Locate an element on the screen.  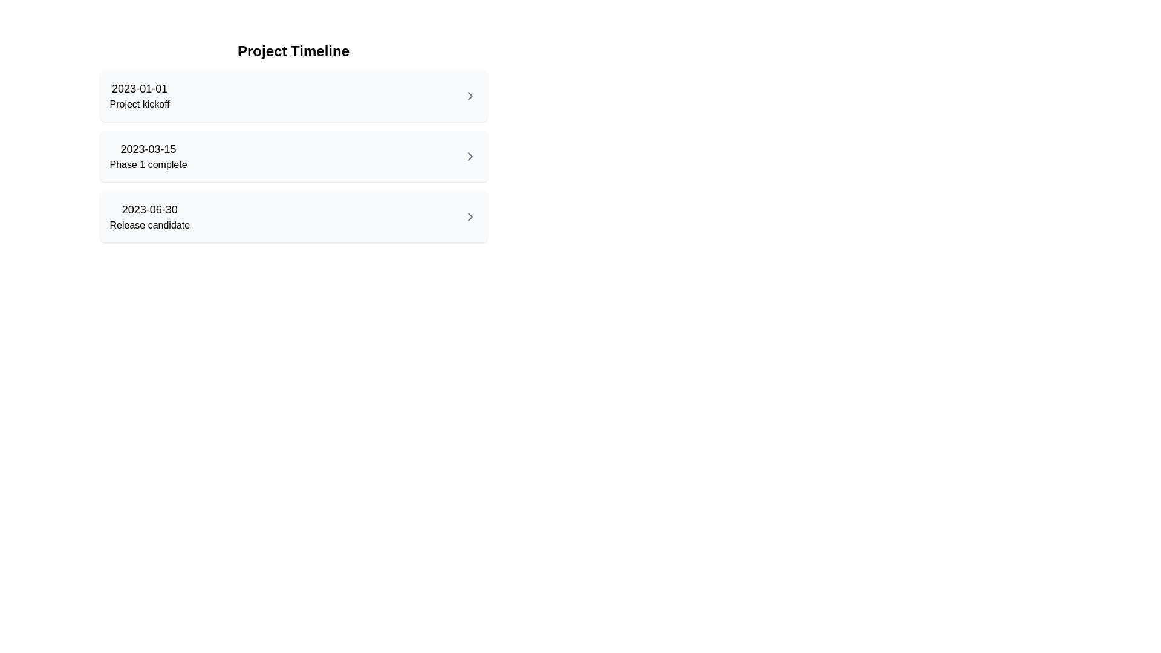
text label 'Phase 1 complete' located below the date '2023-03-15' in the timeline section is located at coordinates (148, 165).